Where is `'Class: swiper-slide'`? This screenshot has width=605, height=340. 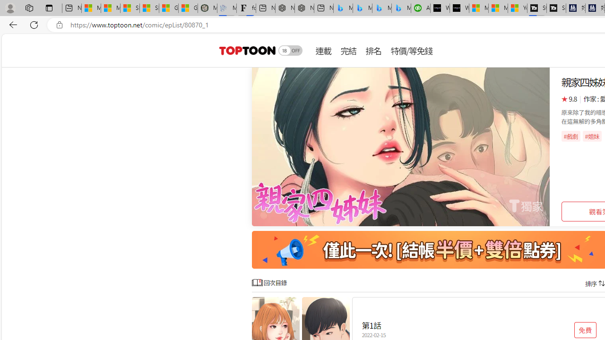 'Class: swiper-slide' is located at coordinates (401, 147).